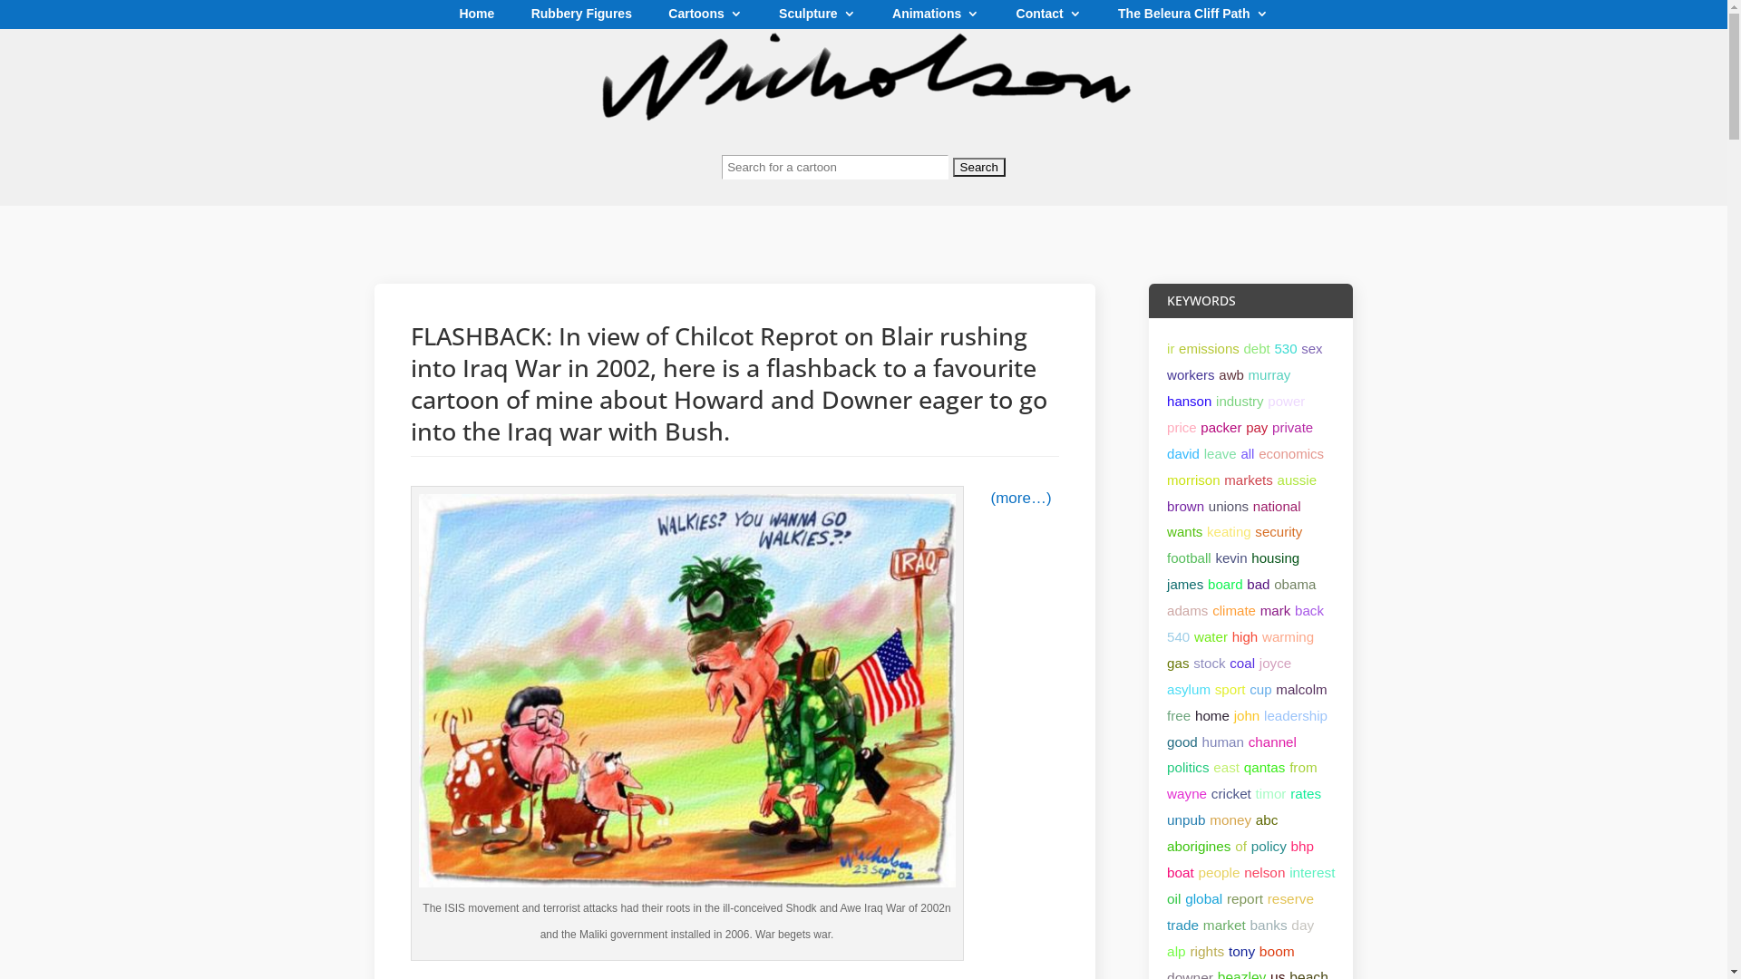  I want to click on 'market', so click(1224, 925).